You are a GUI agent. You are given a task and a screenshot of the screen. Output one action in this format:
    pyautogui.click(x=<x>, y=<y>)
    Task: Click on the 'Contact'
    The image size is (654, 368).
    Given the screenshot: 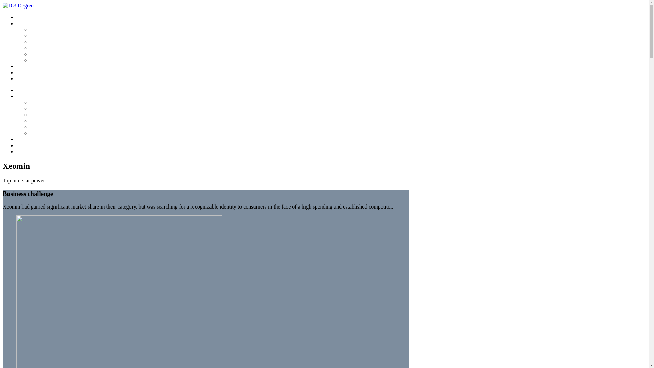 What is the action you would take?
    pyautogui.click(x=24, y=145)
    